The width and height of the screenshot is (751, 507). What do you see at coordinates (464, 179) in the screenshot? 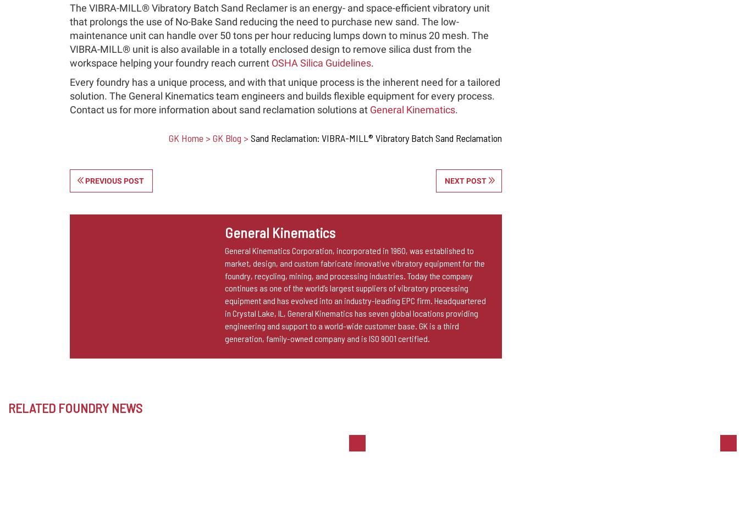
I see `'Next post'` at bounding box center [464, 179].